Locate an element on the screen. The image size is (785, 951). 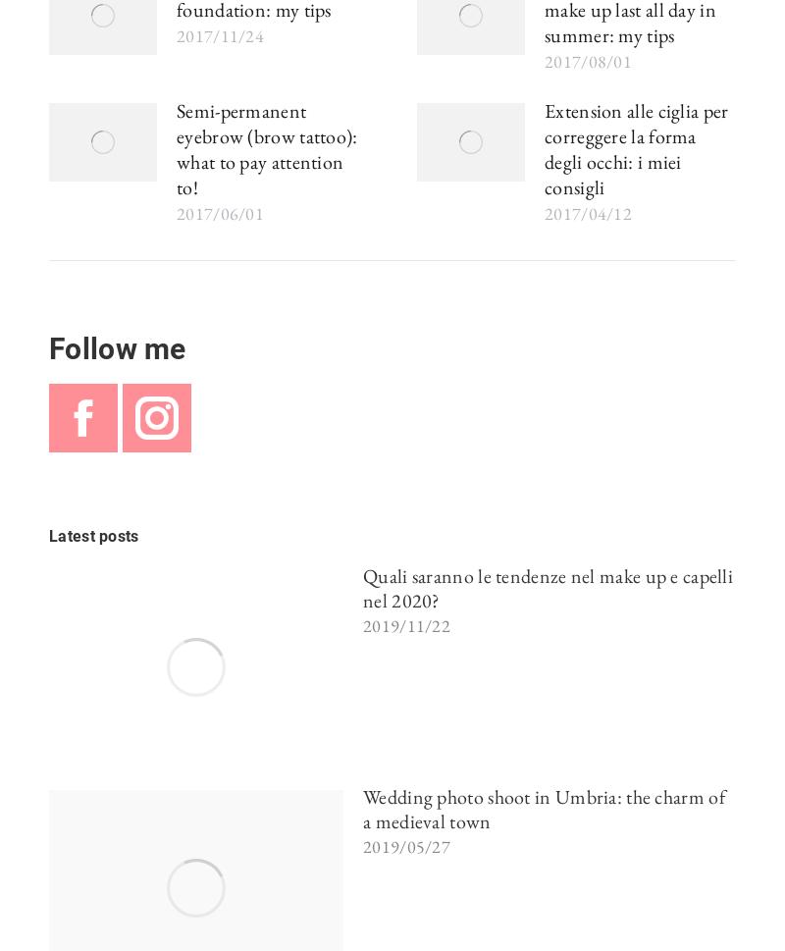
'2019/05/27' is located at coordinates (406, 845).